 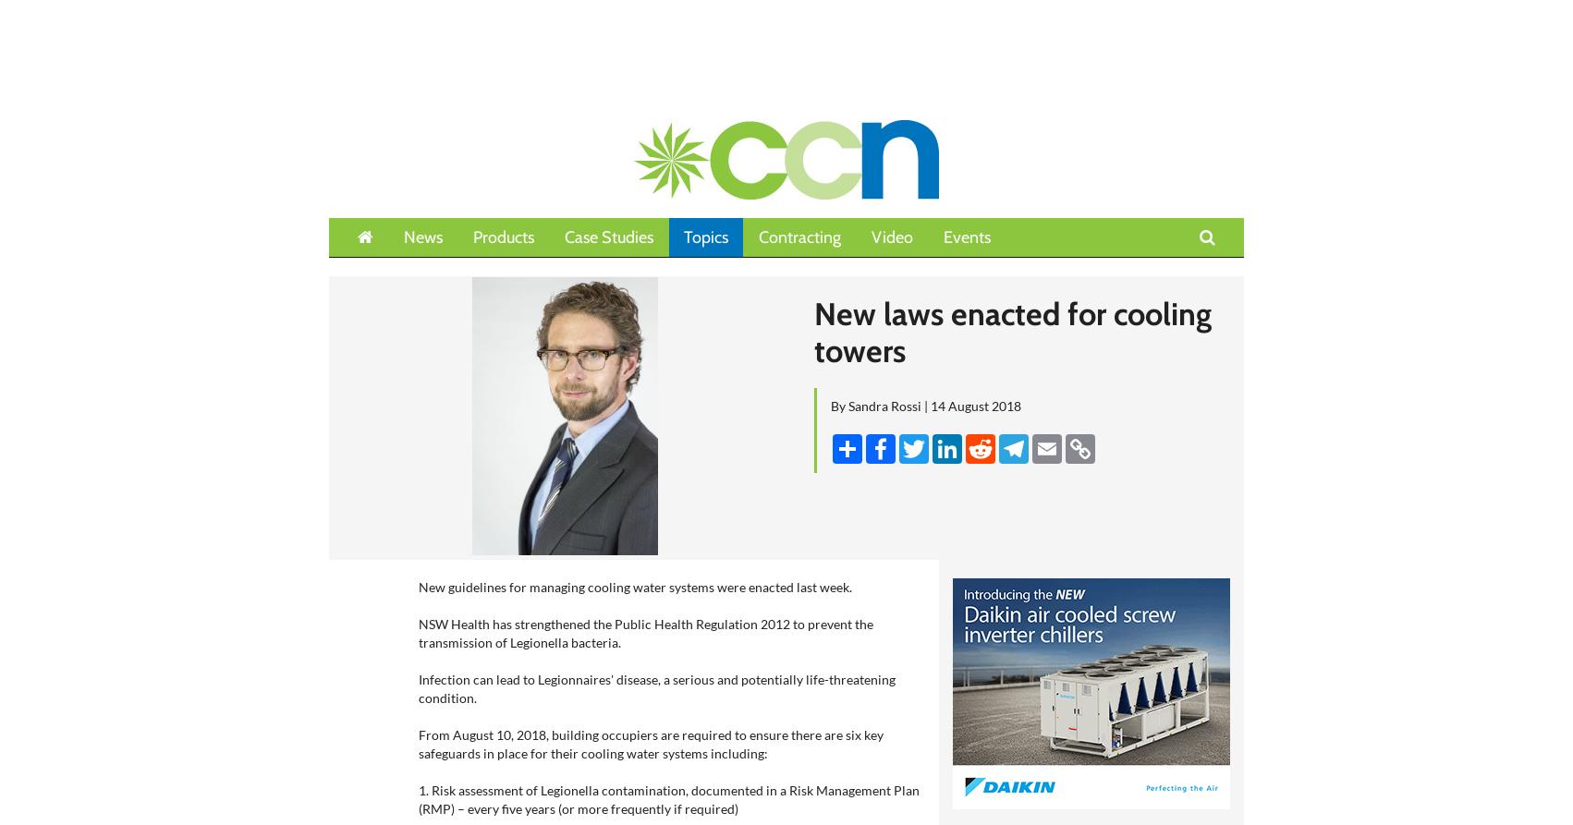 I want to click on 'NSW Health has strengthened the Public Health Regulation 2012 to prevent the transmission of Legionella bacteria.', so click(x=646, y=633).